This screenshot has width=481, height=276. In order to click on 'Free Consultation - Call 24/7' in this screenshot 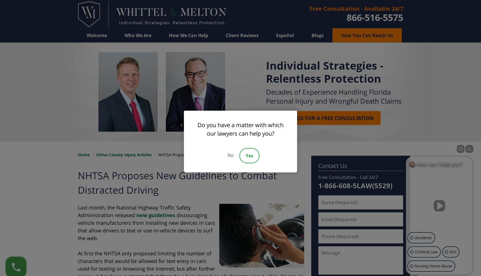, I will do `click(348, 177)`.